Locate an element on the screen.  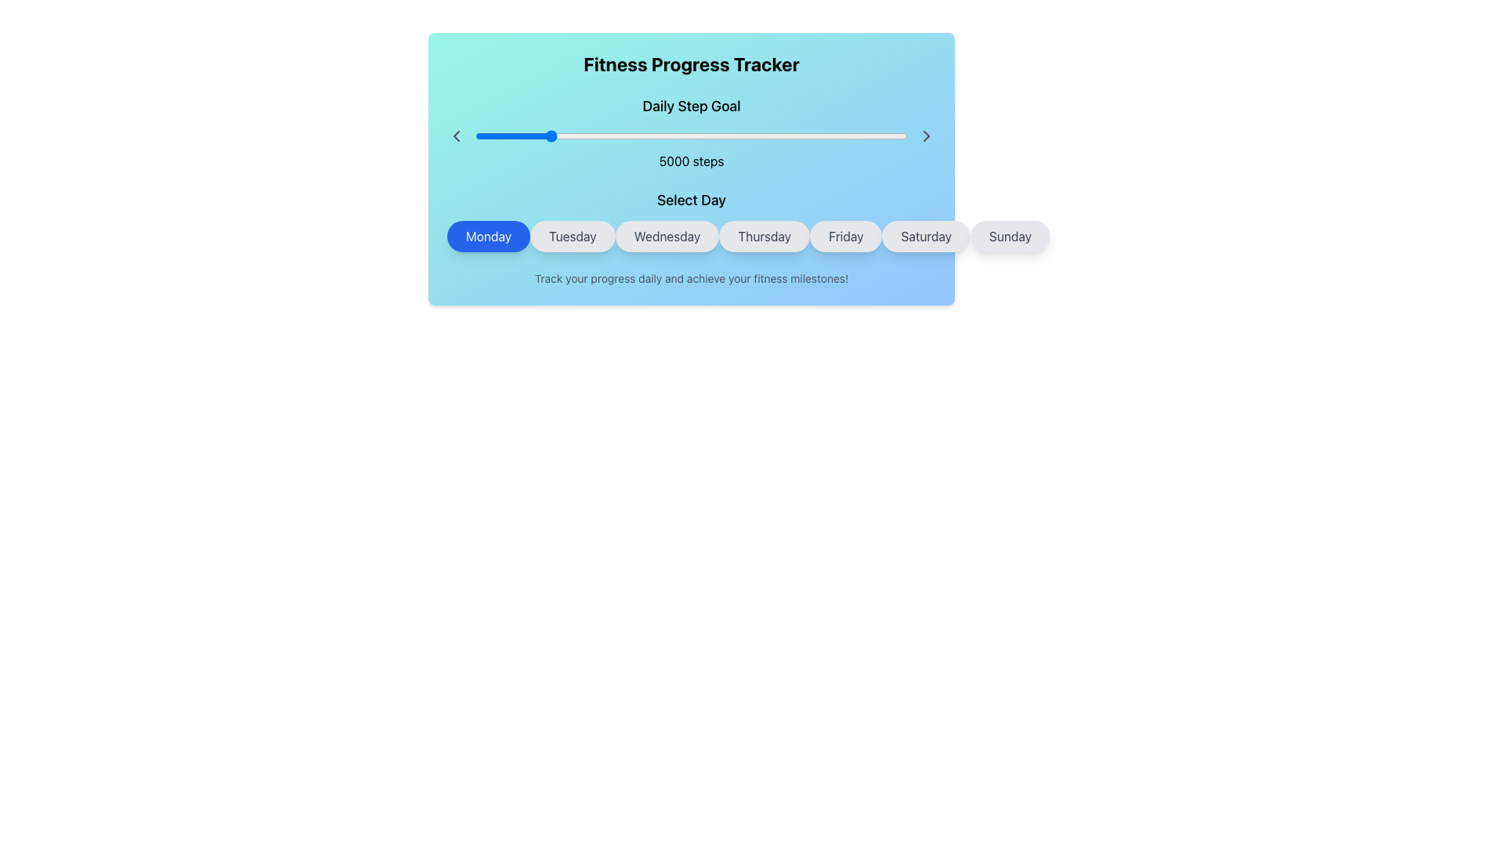
the daily step goal is located at coordinates (498, 135).